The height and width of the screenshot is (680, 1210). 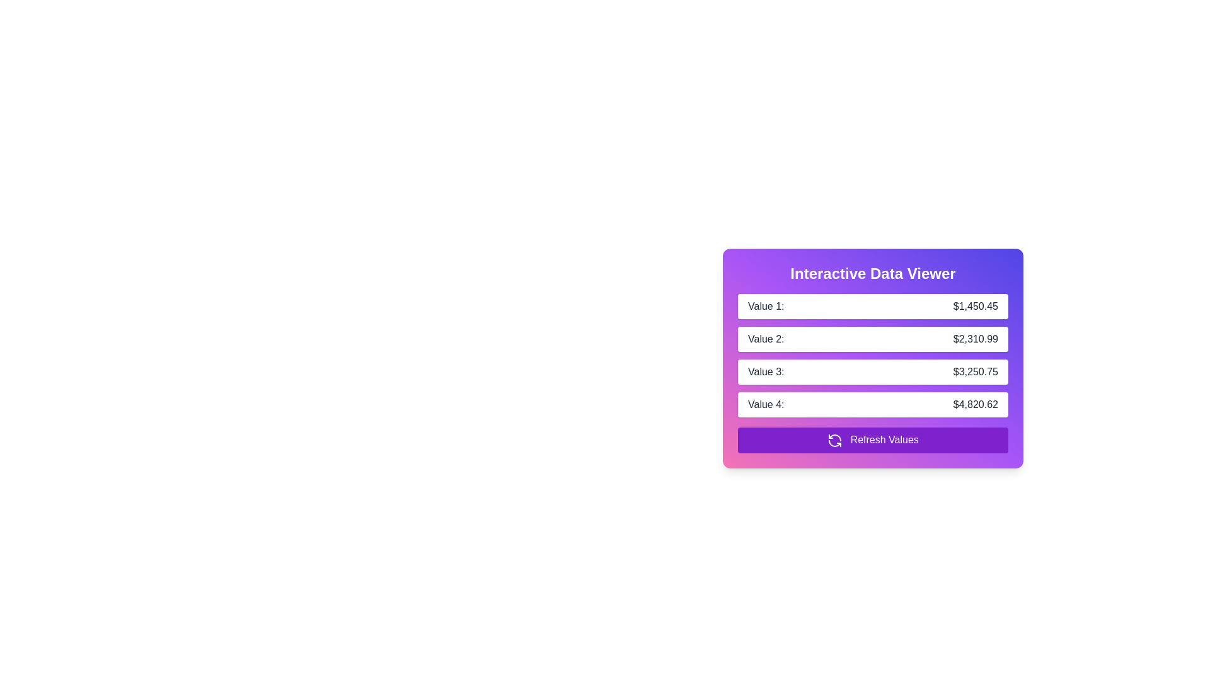 I want to click on the rectangular purple button labeled 'Refresh Values' that contains the circular arrow icon resembling a refresh symbol, so click(x=835, y=439).